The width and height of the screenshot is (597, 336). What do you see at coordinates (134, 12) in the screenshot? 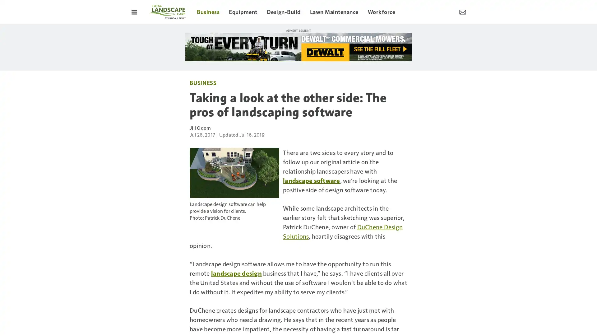
I see `Toggle Menu` at bounding box center [134, 12].